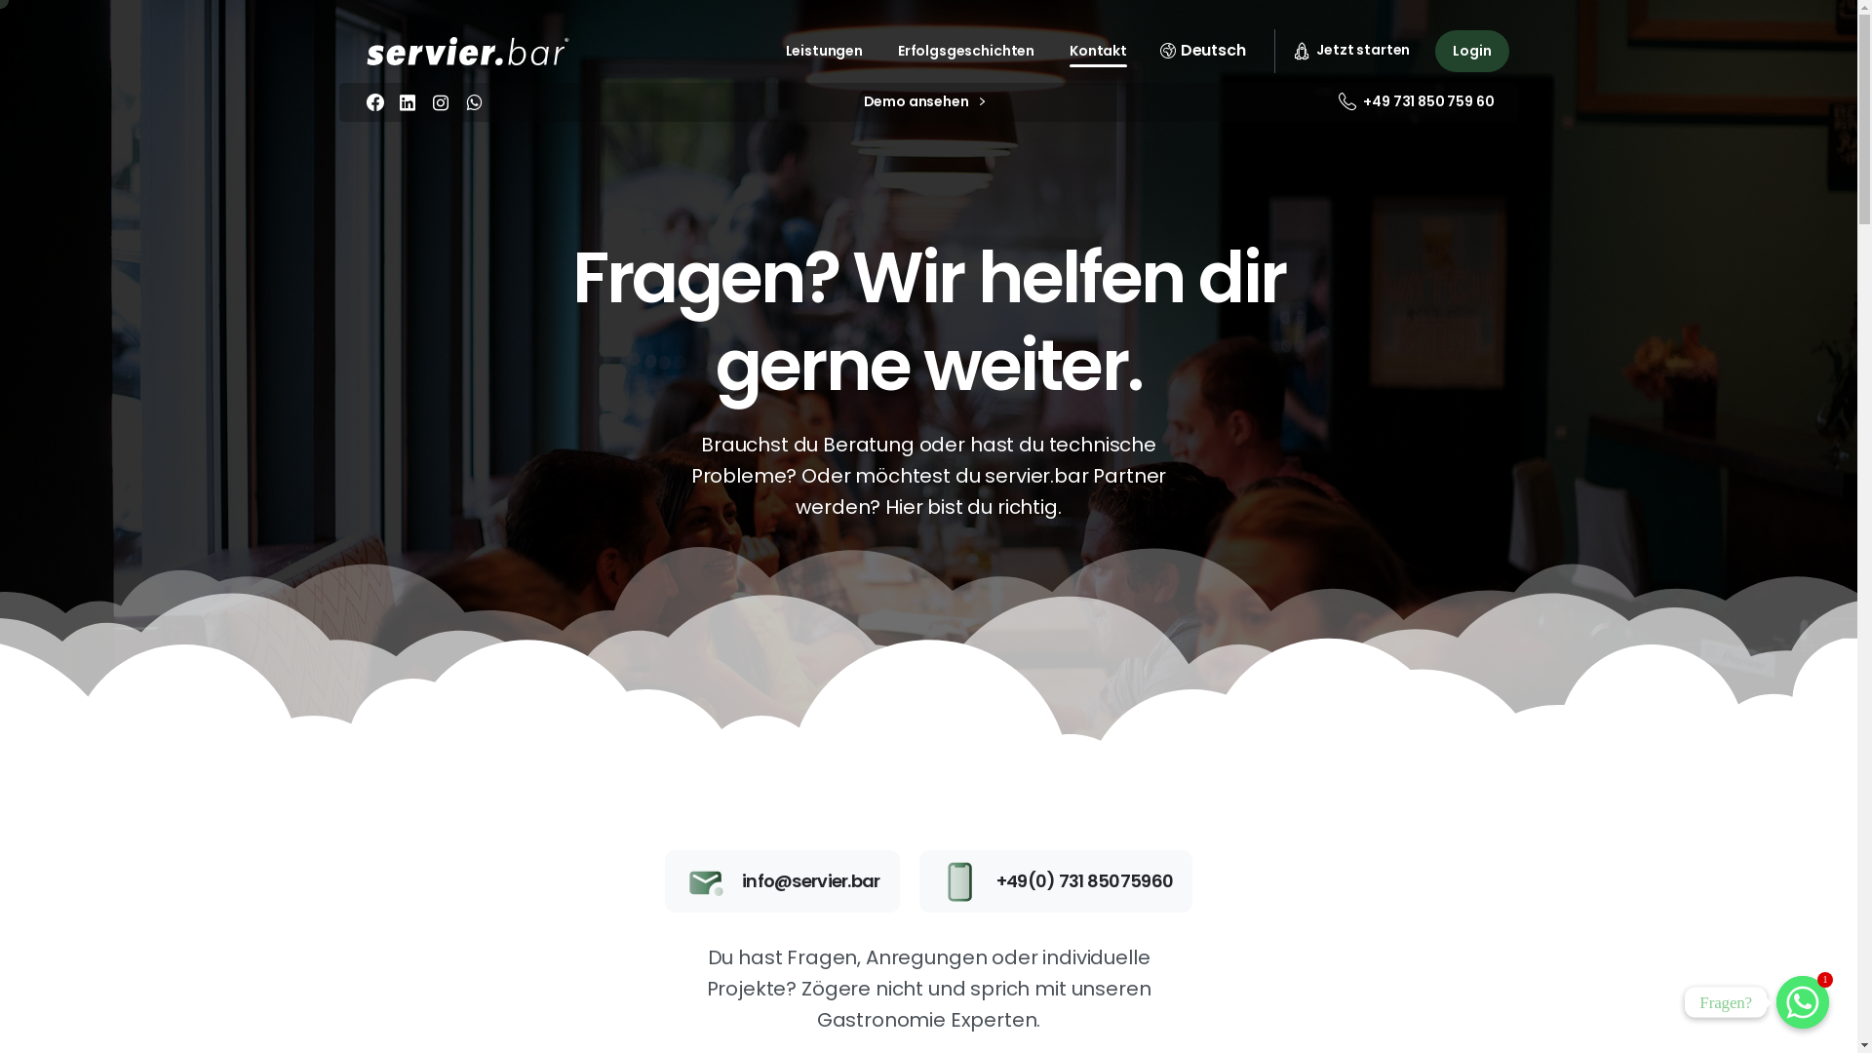  I want to click on 'Facebook', so click(374, 101).